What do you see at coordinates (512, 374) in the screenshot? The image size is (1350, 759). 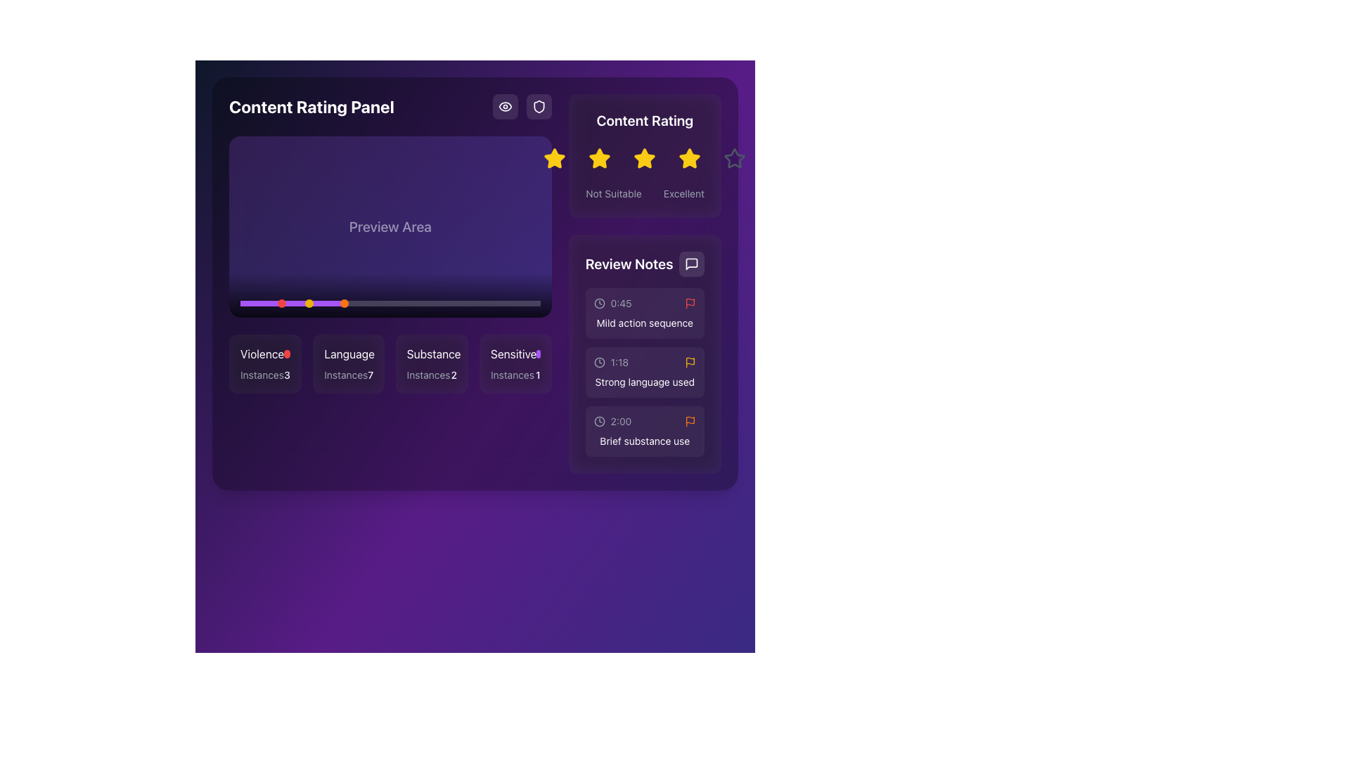 I see `the gray text label that reads 'Instances', located under the 'Sensitive' heading and to the left of the numerical indicator '1'` at bounding box center [512, 374].